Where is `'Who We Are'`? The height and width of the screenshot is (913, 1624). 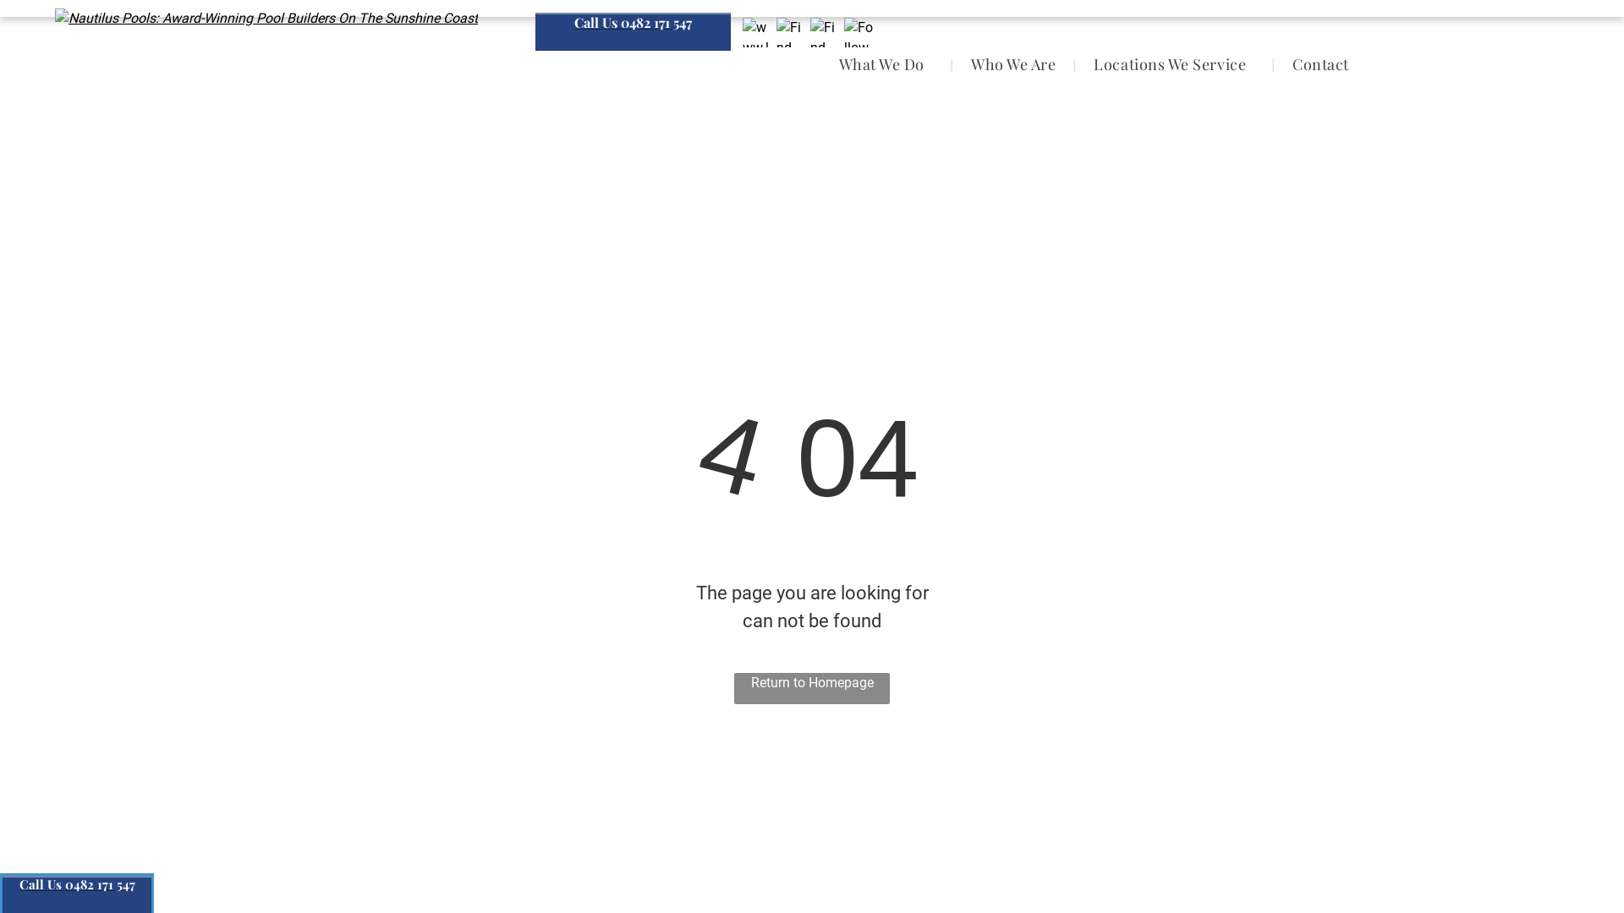 'Who We Are' is located at coordinates (1013, 63).